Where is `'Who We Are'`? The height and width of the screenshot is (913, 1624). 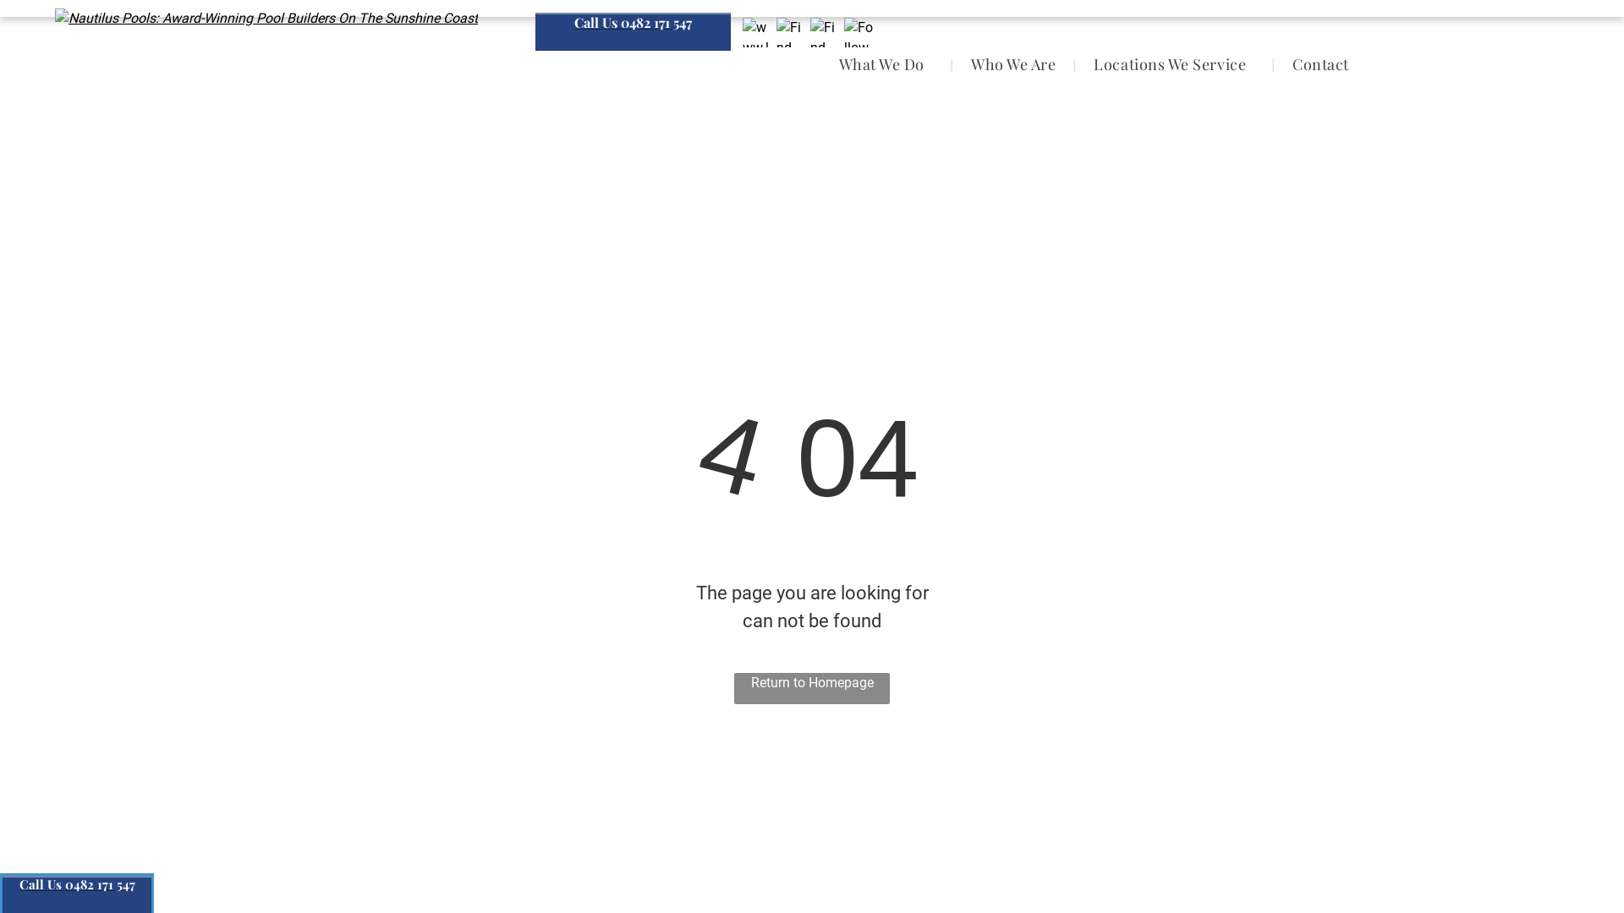 'Who We Are' is located at coordinates (1013, 63).